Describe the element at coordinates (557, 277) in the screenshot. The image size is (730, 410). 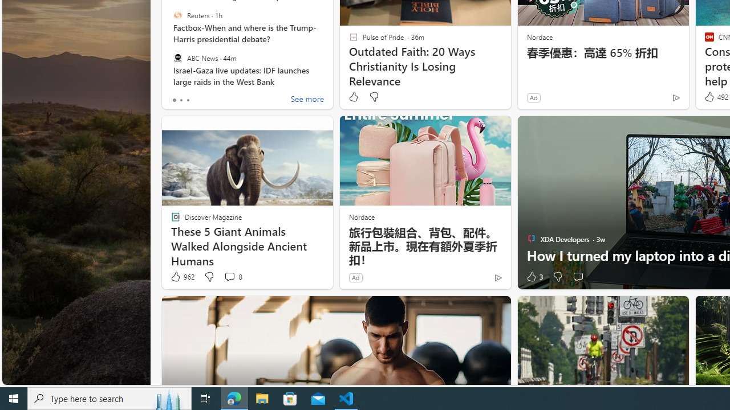
I see `'Dislike'` at that location.